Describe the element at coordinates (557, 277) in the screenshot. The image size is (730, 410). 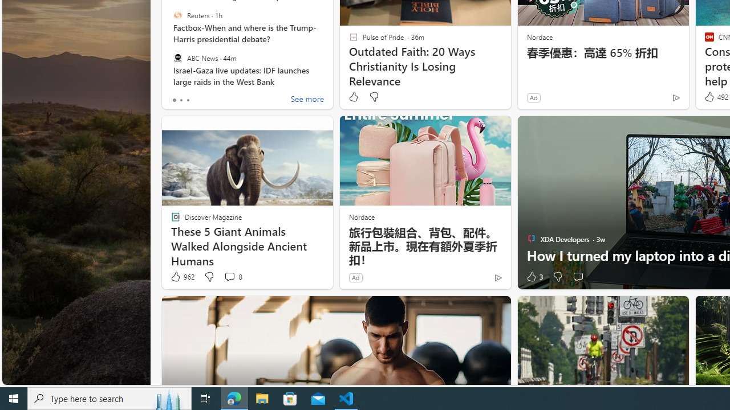
I see `'Dislike'` at that location.